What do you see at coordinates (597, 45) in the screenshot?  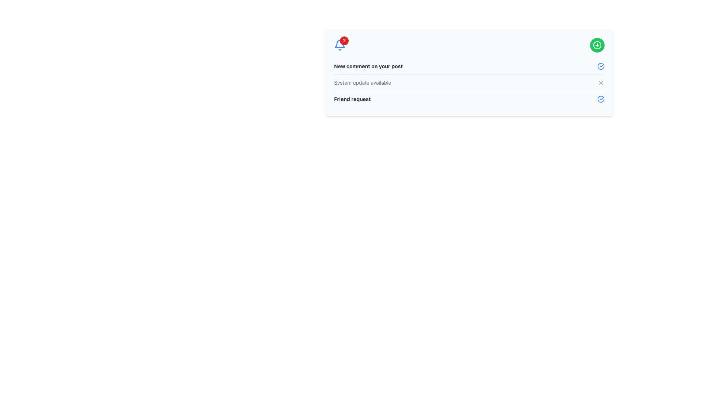 I see `the SVG circular element that represents the background of the '+' symbol located at the top-right corner of the notification panel` at bounding box center [597, 45].